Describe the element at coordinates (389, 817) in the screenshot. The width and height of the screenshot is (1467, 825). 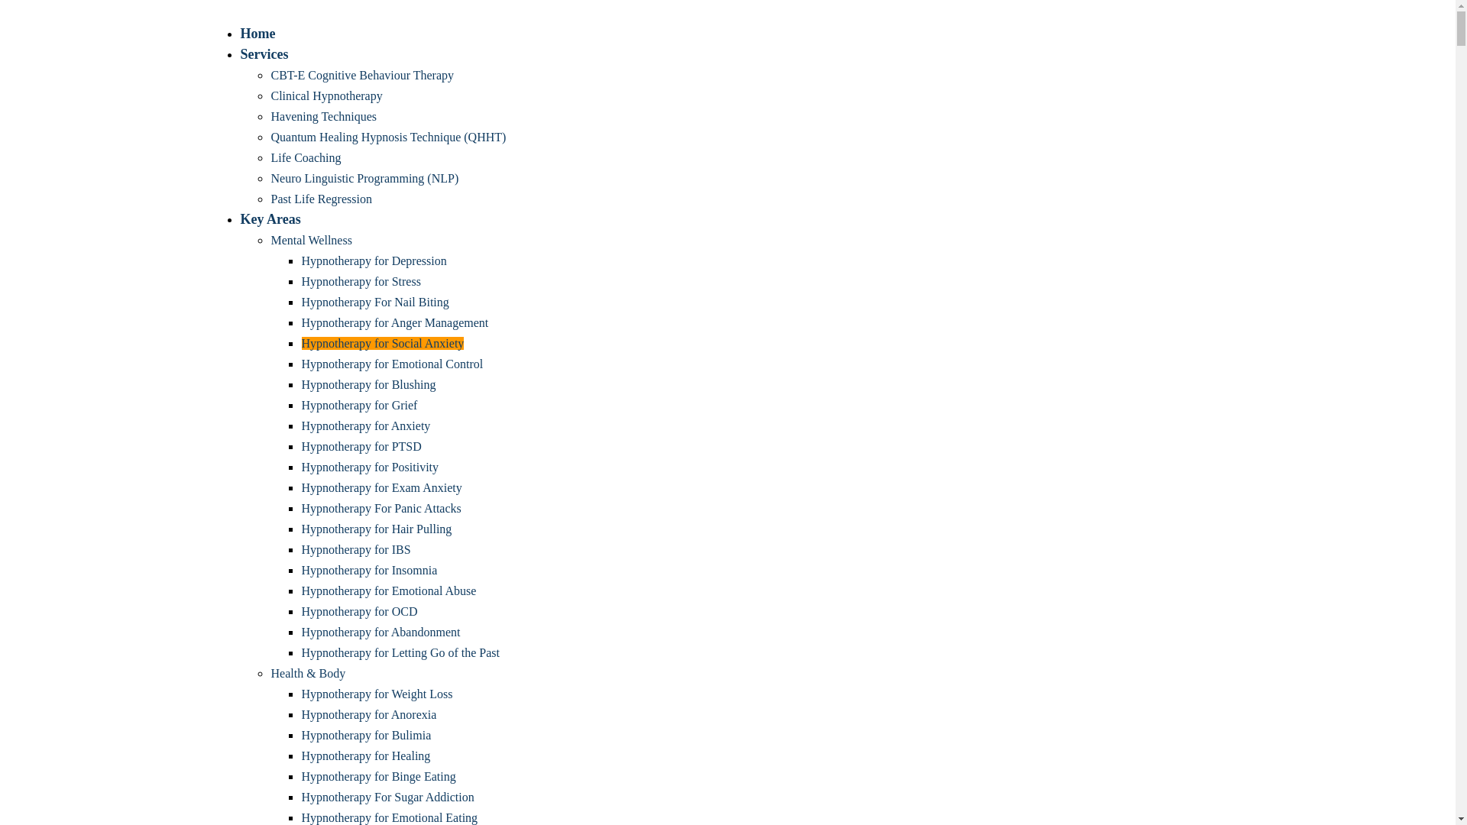
I see `'Hypnotherapy for Emotional Eating'` at that location.